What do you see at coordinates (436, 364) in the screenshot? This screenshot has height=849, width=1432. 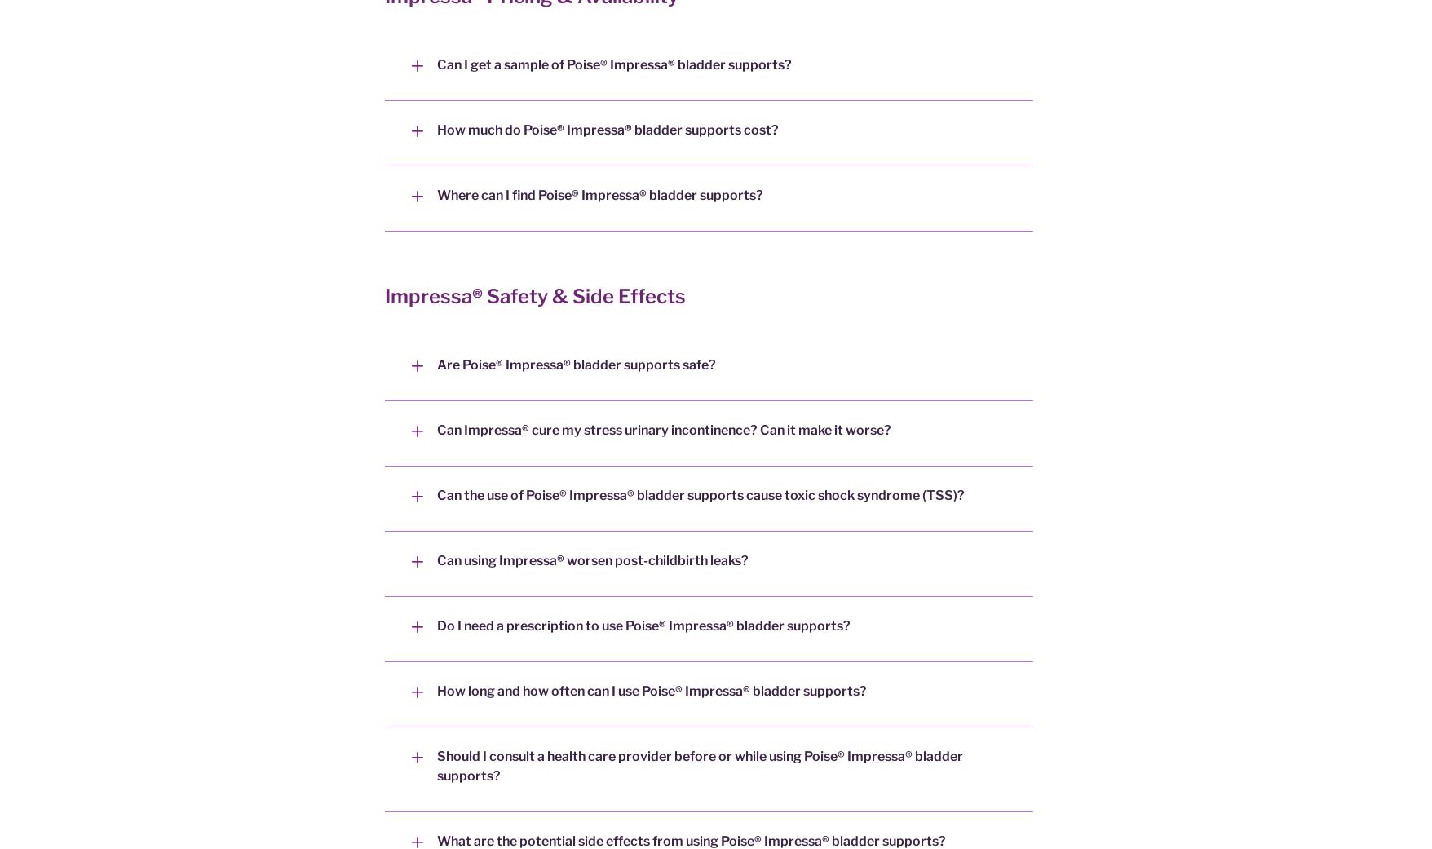 I see `'Are Poise® Impressa® bladder supports safe?'` at bounding box center [436, 364].